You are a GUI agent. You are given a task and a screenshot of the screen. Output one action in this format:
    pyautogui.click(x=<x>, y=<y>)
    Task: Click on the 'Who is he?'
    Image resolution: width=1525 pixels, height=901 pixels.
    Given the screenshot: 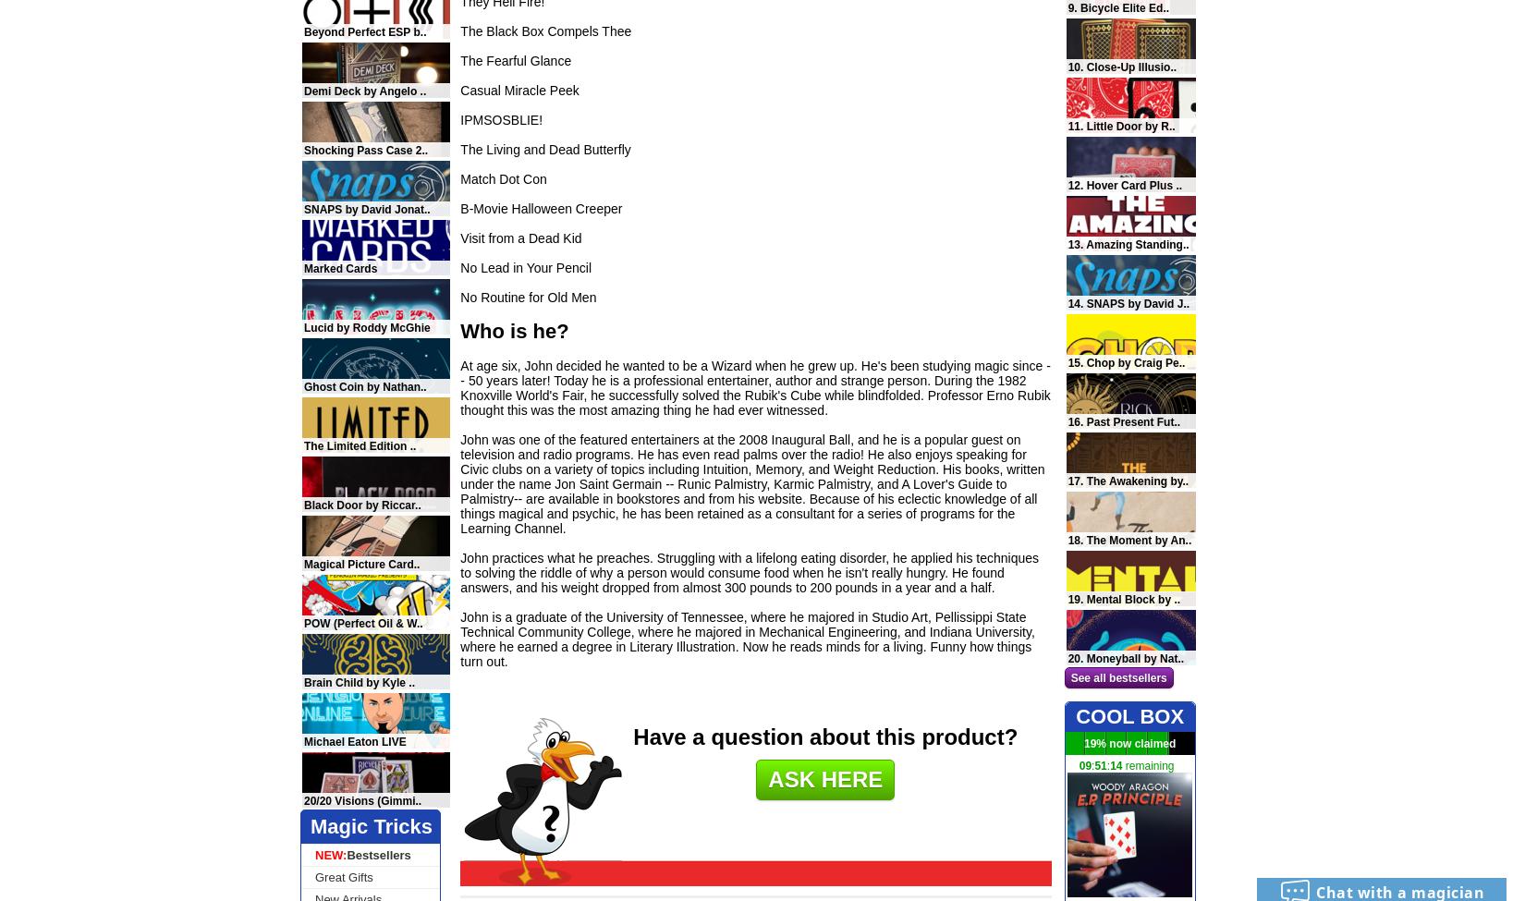 What is the action you would take?
    pyautogui.click(x=513, y=330)
    